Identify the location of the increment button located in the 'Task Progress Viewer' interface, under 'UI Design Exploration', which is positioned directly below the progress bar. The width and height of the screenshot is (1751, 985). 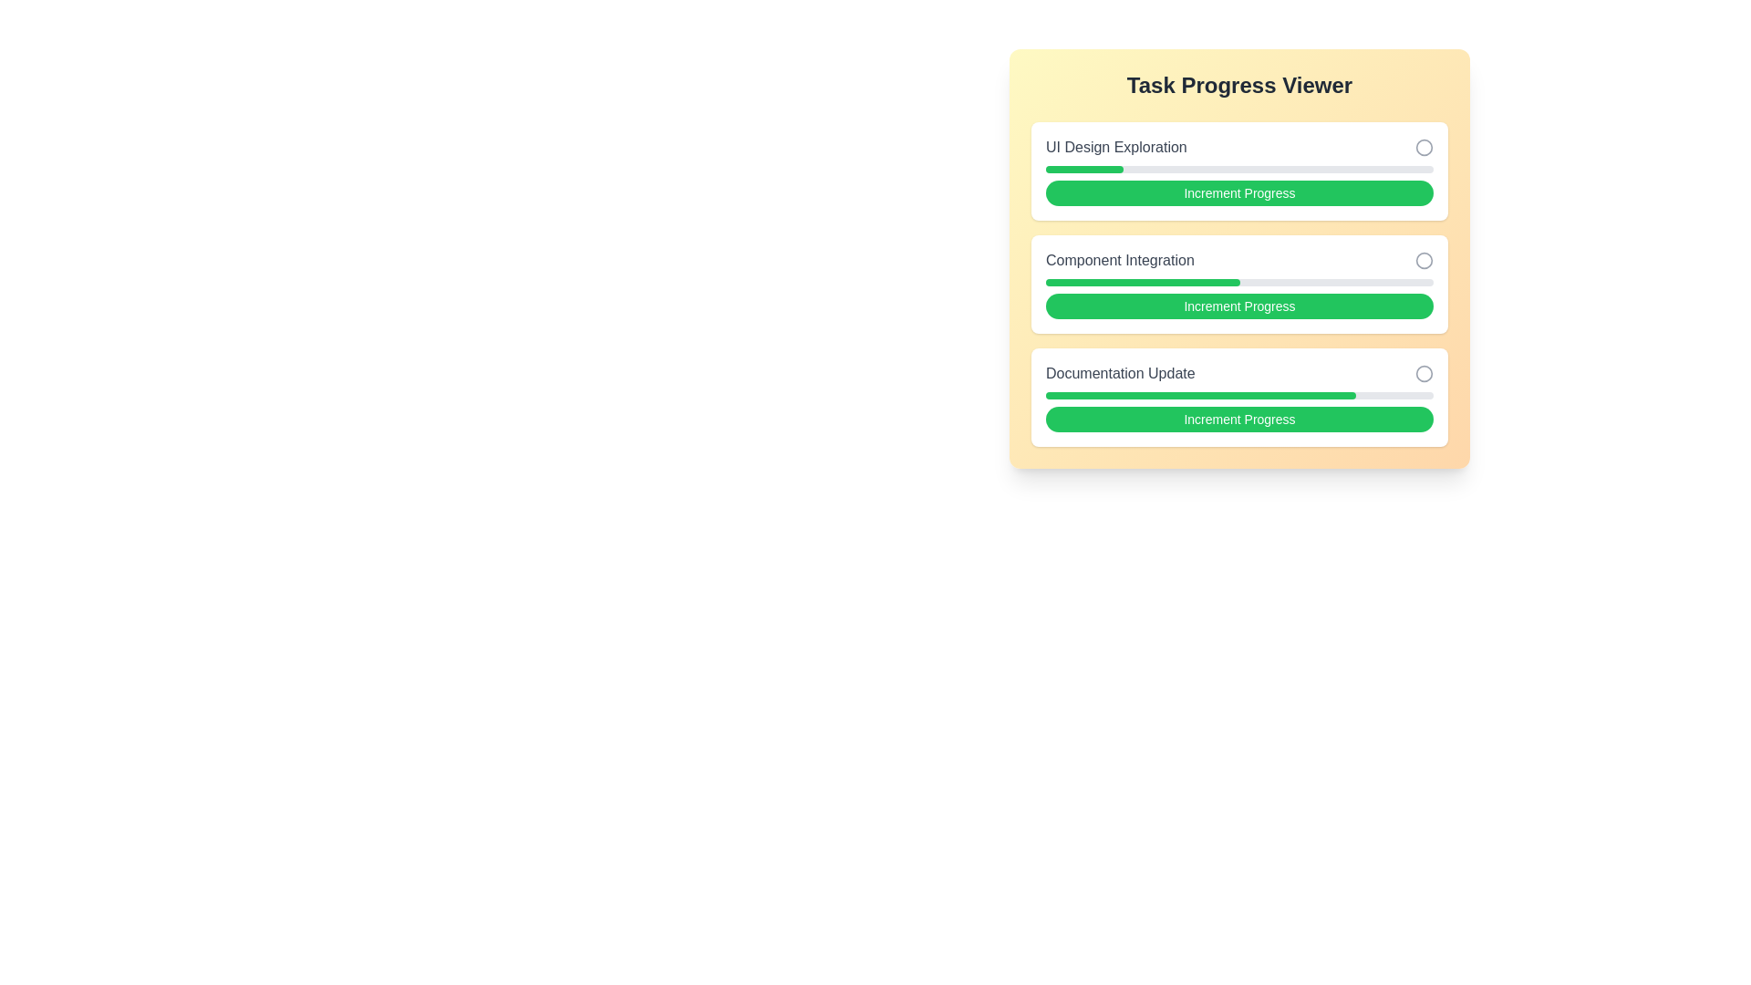
(1239, 193).